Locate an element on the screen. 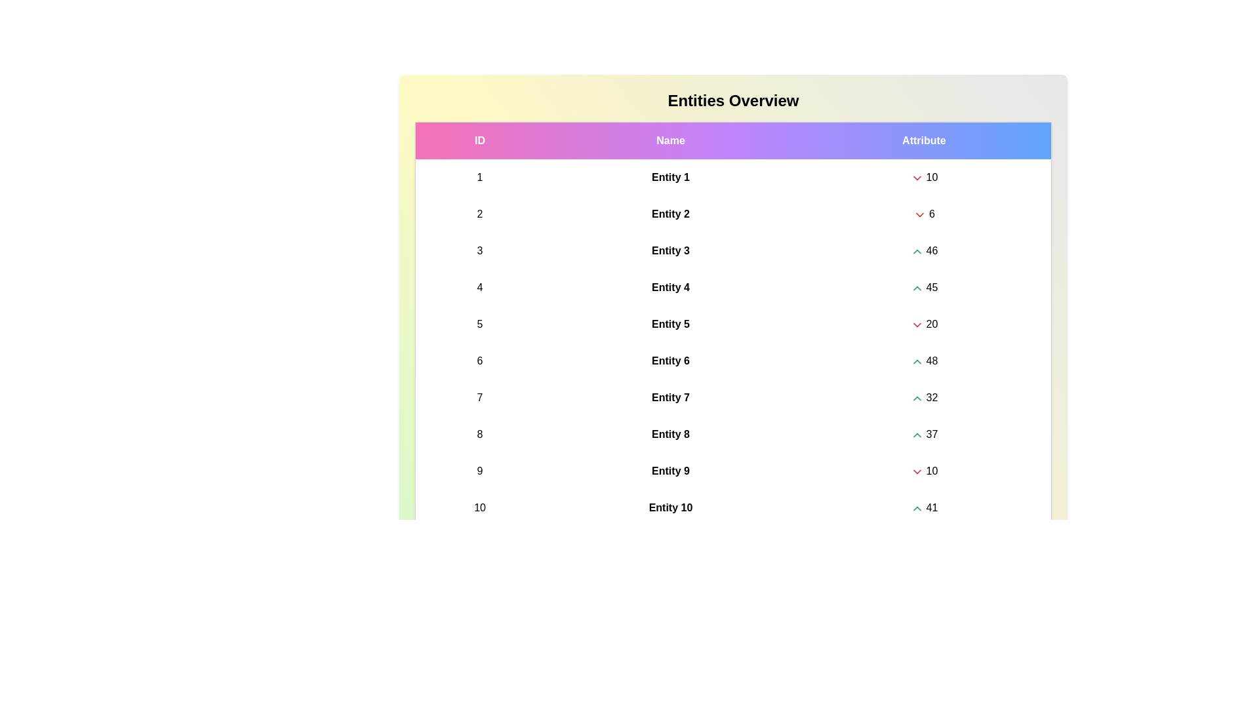 Image resolution: width=1259 pixels, height=708 pixels. the table header Attribute to sort the table by that column is located at coordinates (923, 140).